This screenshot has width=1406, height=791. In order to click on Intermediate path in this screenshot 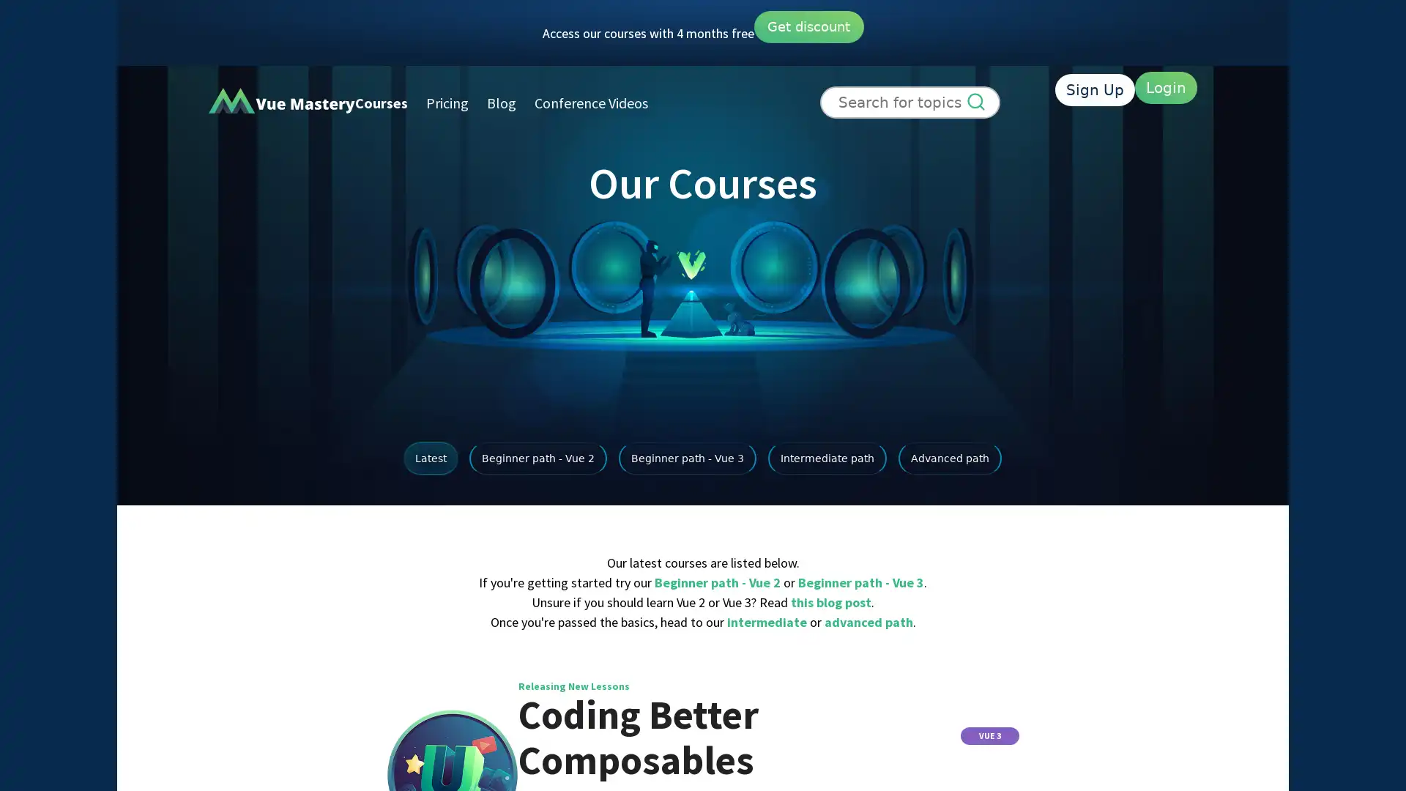, I will do `click(873, 457)`.